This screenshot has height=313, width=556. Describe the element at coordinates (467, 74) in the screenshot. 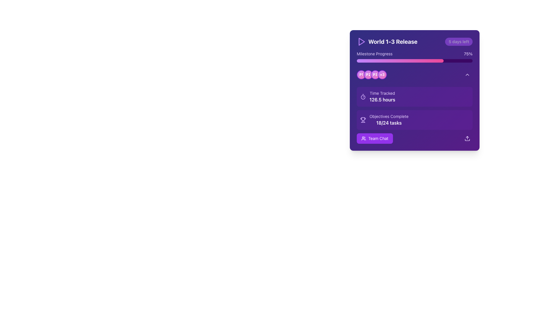

I see `the purple chevron icon button located at the upper section of the card-like widget` at that location.